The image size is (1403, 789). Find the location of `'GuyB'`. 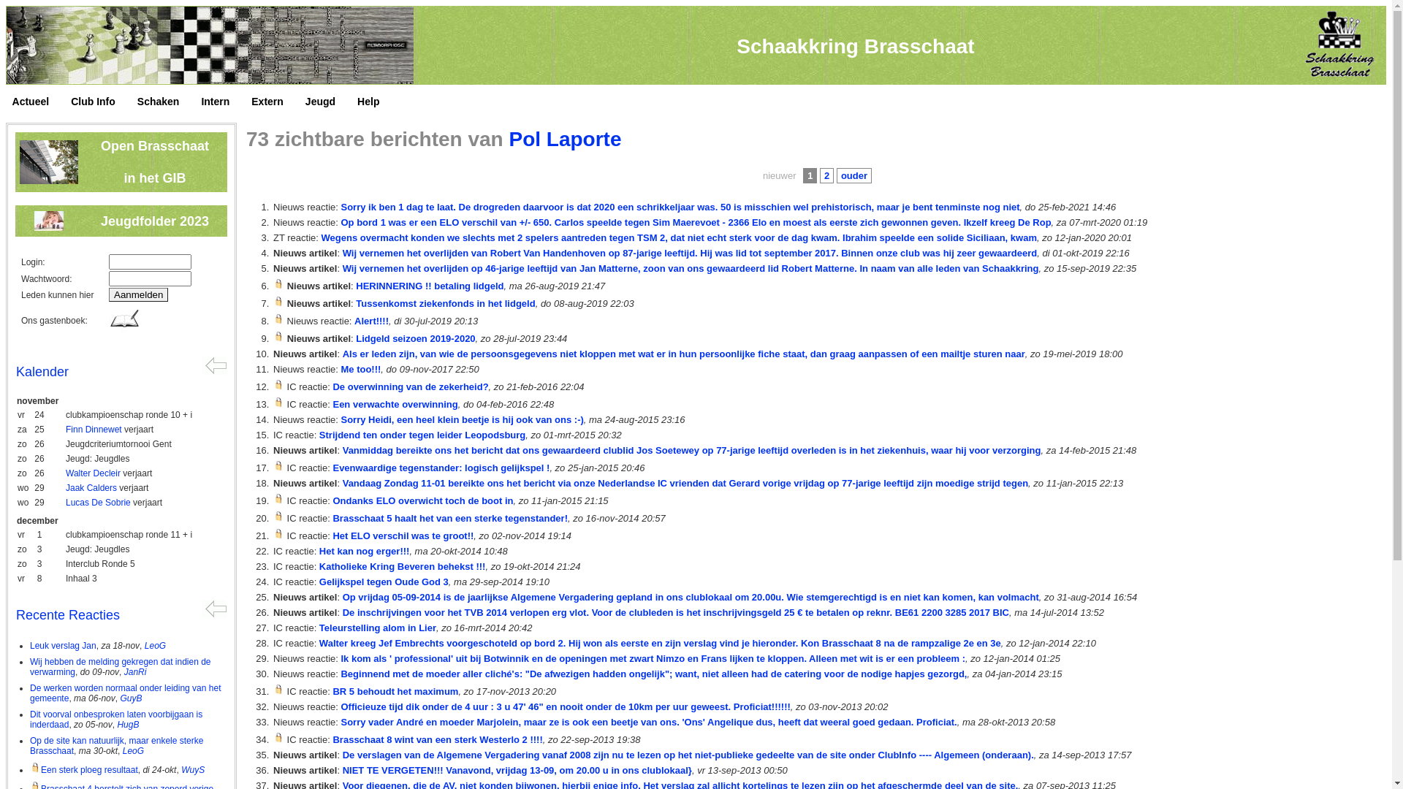

'GuyB' is located at coordinates (119, 698).